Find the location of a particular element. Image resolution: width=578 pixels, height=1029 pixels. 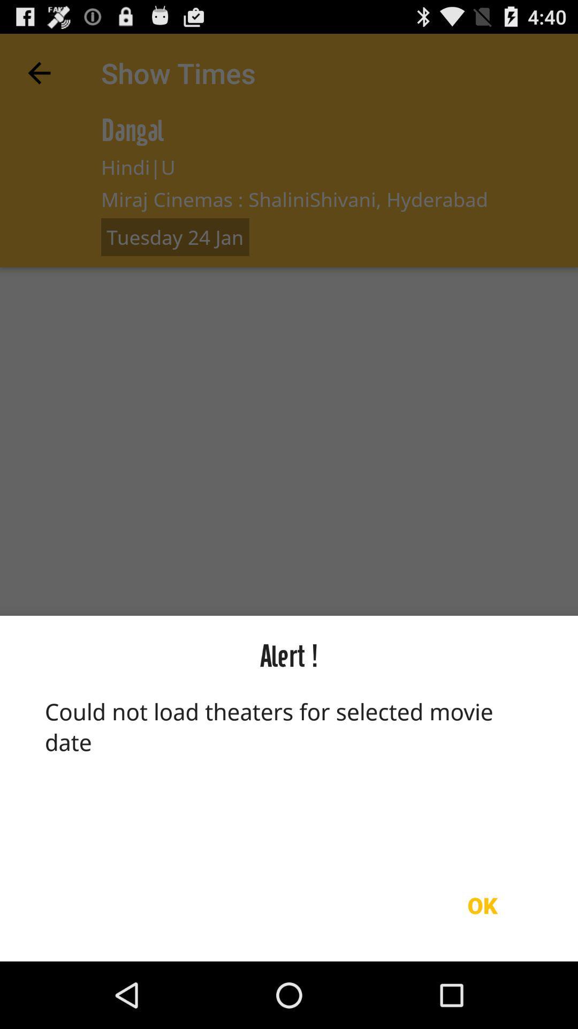

the item at the bottom right corner is located at coordinates (482, 905).